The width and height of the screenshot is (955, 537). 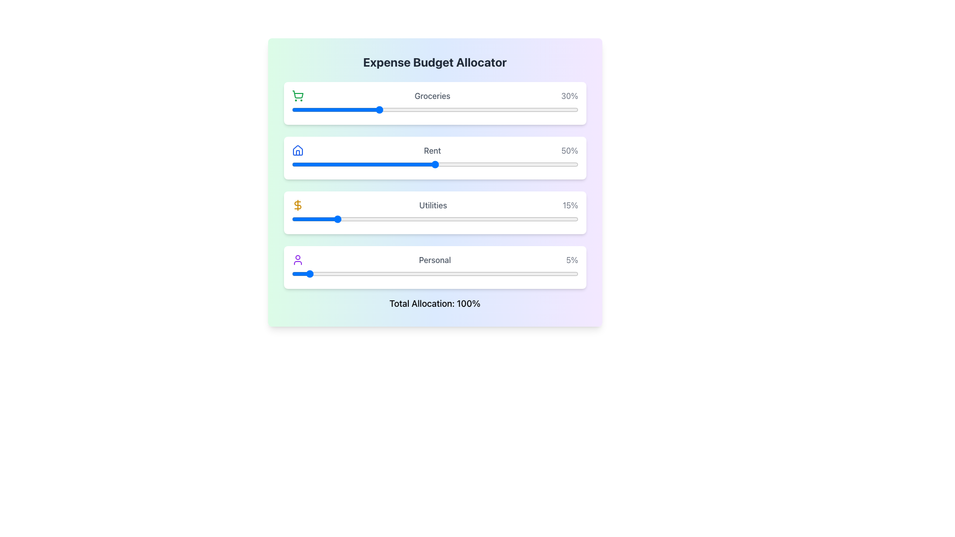 I want to click on the house icon with a blue outline and semi-transparent interior, located at the leftmost side of the 'Rent' row, so click(x=297, y=151).